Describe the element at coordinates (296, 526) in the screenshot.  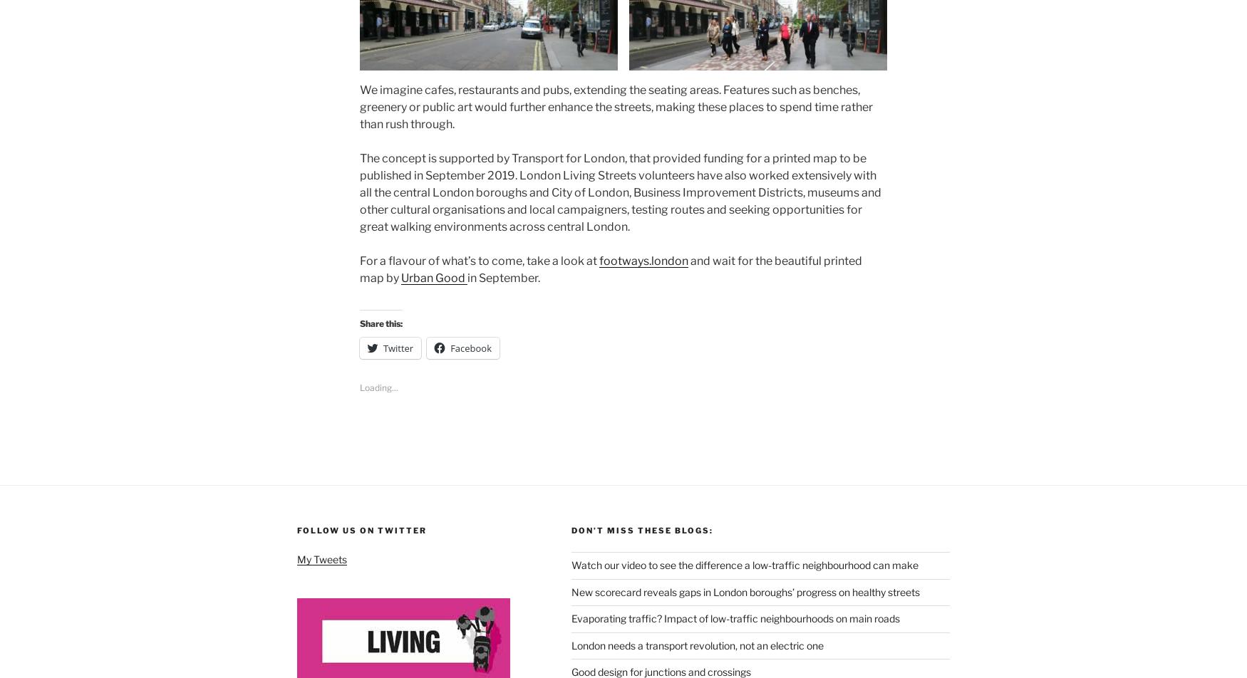
I see `'Follow us on Twitter'` at that location.